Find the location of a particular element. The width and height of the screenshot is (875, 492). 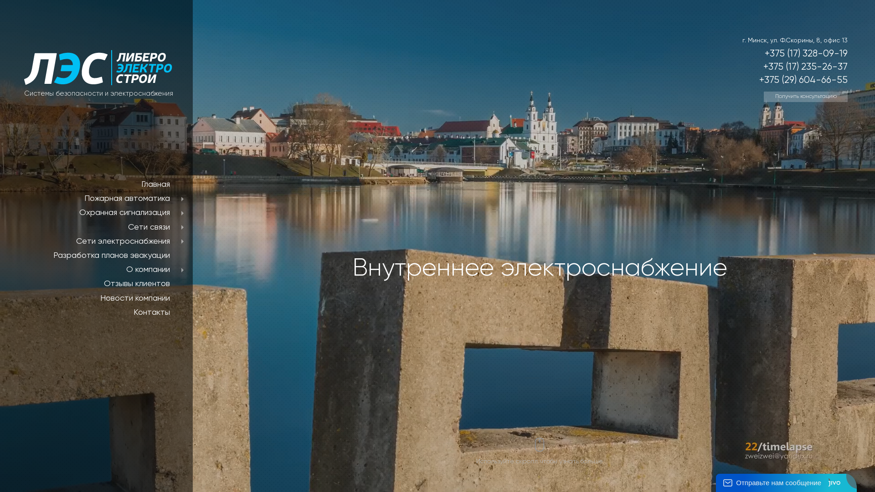

'+375 (17) 328-09-19' is located at coordinates (806, 54).